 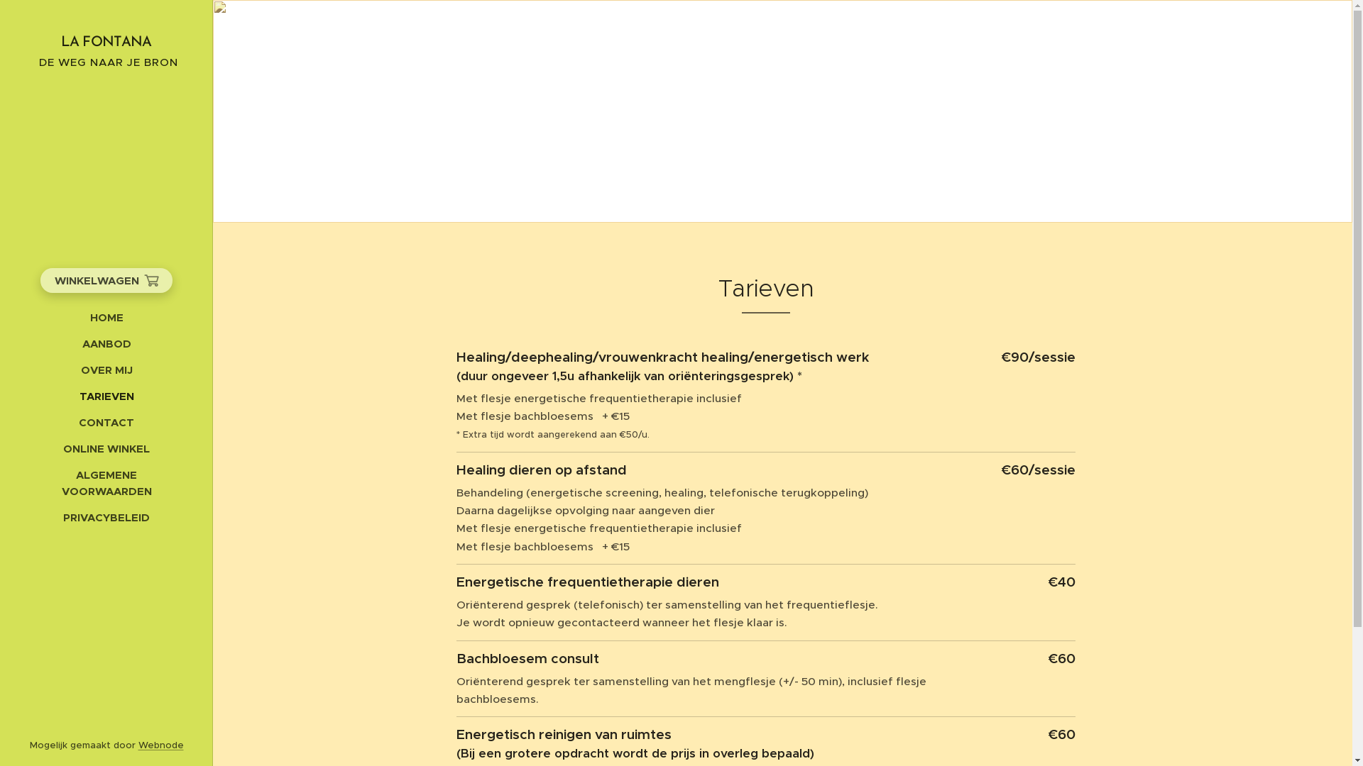 What do you see at coordinates (105, 396) in the screenshot?
I see `'TARIEVEN'` at bounding box center [105, 396].